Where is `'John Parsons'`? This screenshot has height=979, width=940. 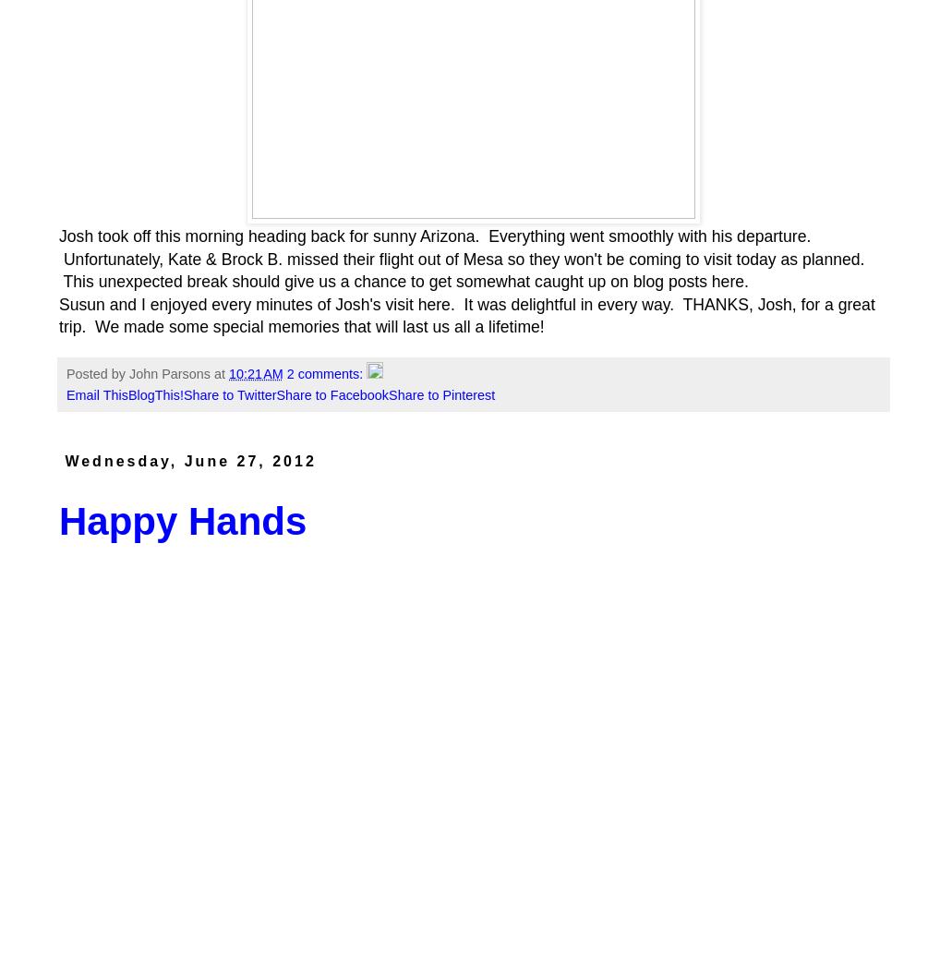 'John Parsons' is located at coordinates (169, 373).